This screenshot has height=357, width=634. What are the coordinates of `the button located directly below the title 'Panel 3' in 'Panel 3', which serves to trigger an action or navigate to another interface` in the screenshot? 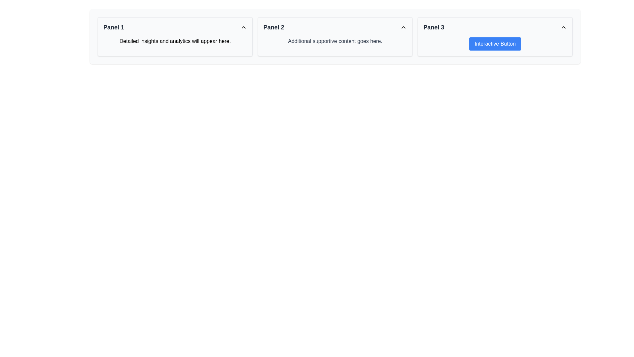 It's located at (495, 44).